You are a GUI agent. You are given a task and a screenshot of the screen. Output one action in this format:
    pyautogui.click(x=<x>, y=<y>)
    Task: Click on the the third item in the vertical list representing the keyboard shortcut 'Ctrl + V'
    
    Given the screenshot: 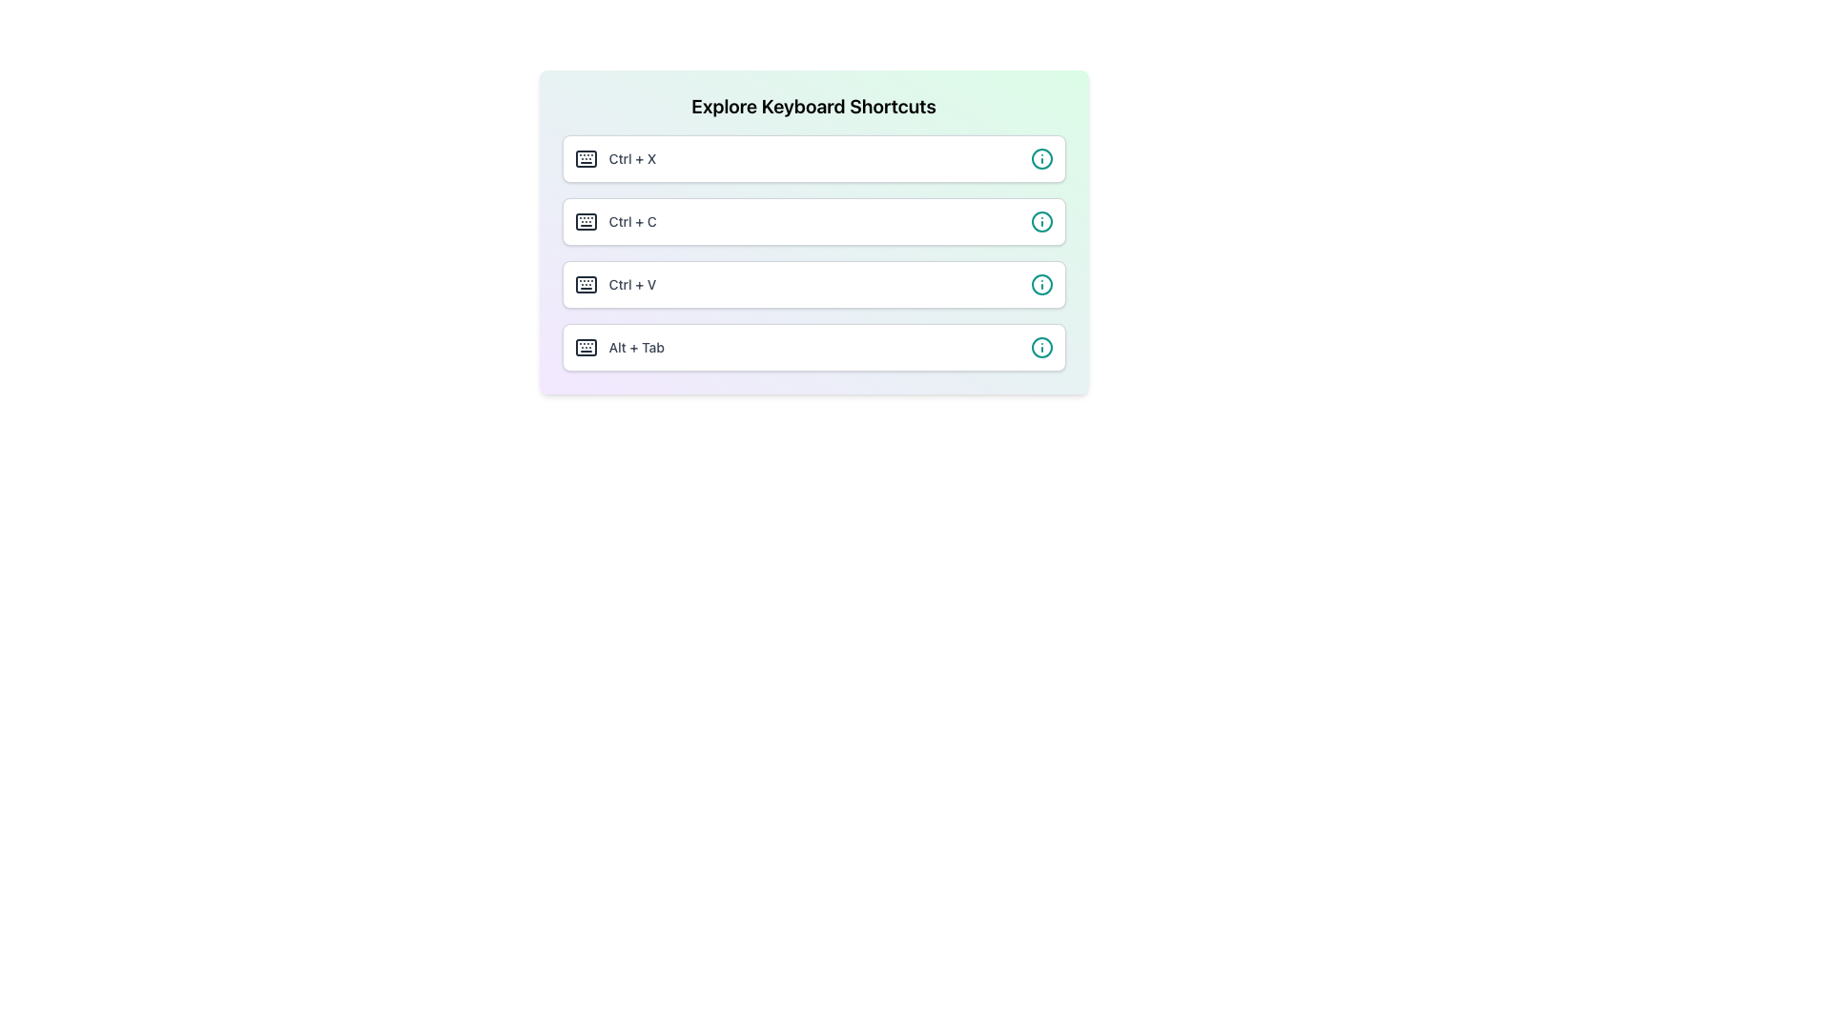 What is the action you would take?
    pyautogui.click(x=813, y=285)
    